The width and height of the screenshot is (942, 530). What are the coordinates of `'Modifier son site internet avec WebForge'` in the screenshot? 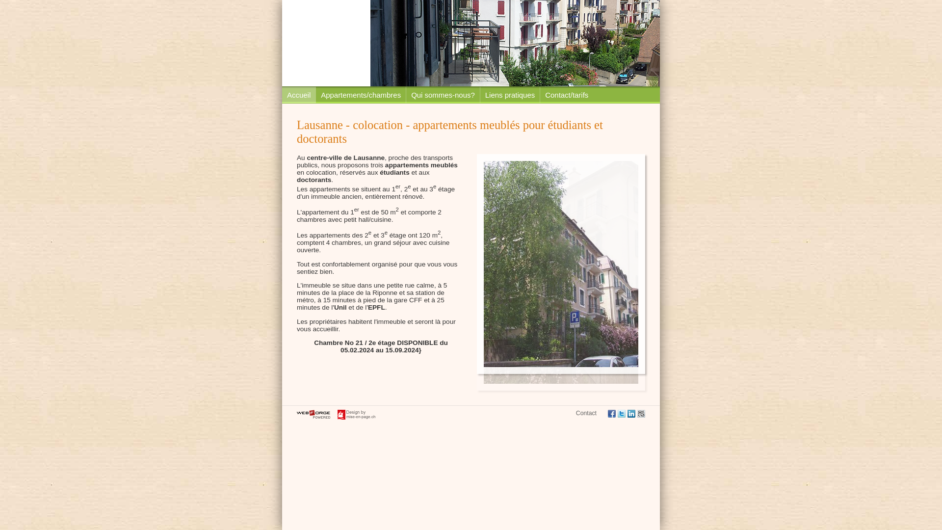 It's located at (313, 414).